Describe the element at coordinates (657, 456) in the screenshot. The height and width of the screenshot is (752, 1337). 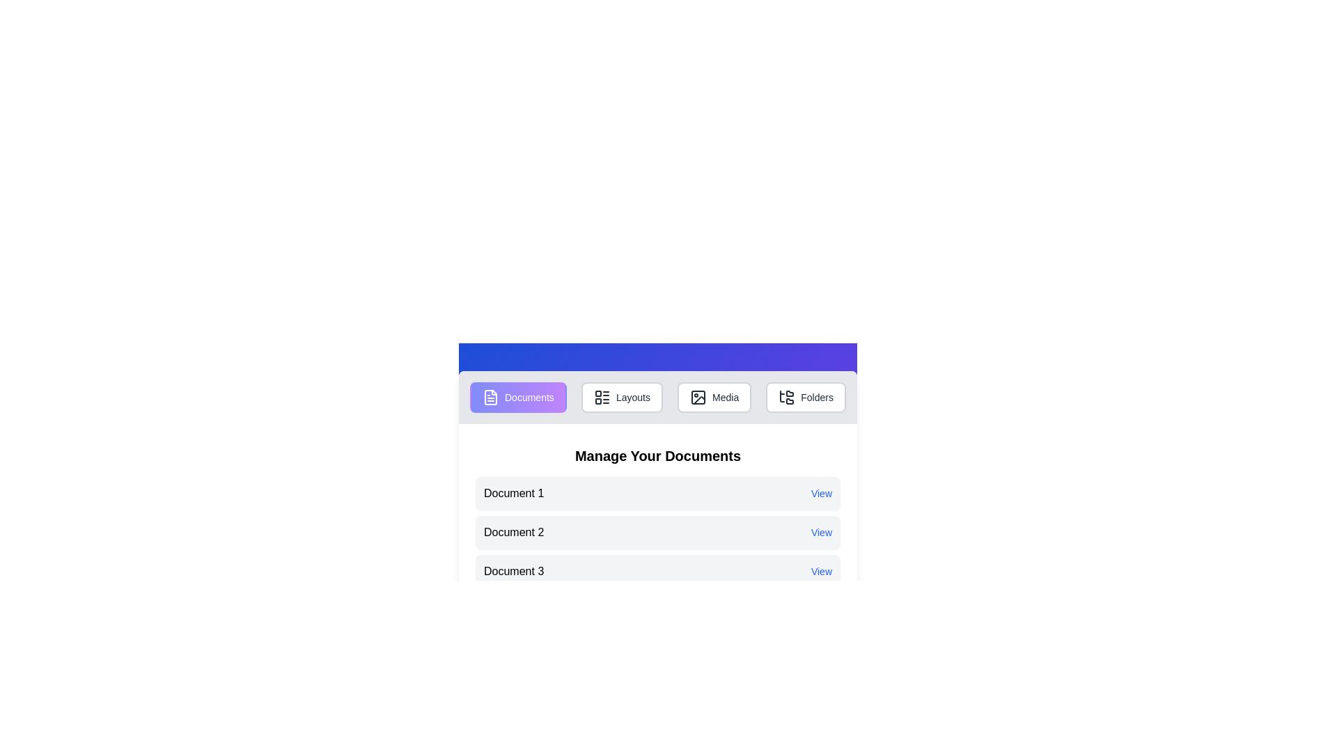
I see `text from the bold label stating 'Manage Your Documents' located at the top of the document section` at that location.